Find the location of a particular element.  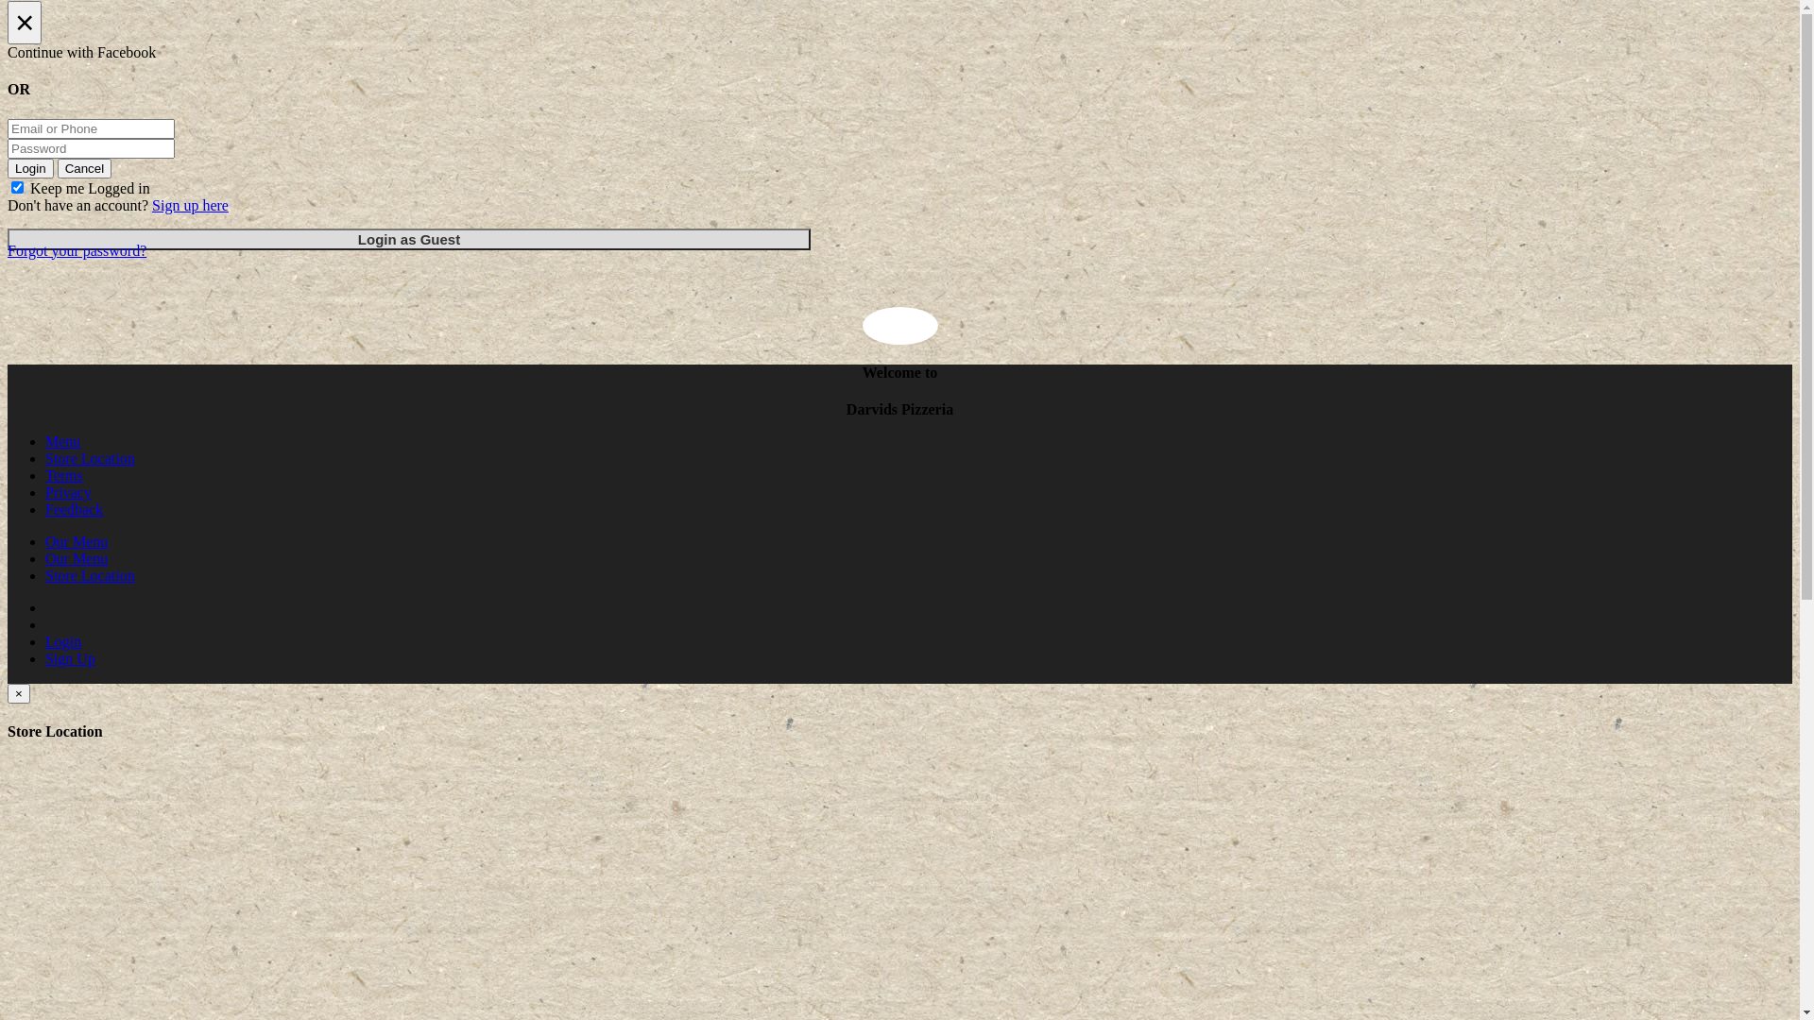

'Store Location' is located at coordinates (89, 458).